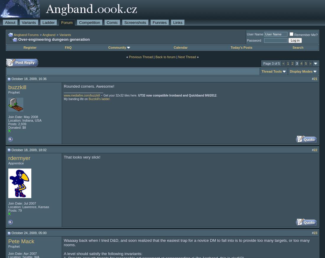 Image resolution: width=325 pixels, height=258 pixels. What do you see at coordinates (8, 203) in the screenshot?
I see `'Join Date: Jul 2007'` at bounding box center [8, 203].